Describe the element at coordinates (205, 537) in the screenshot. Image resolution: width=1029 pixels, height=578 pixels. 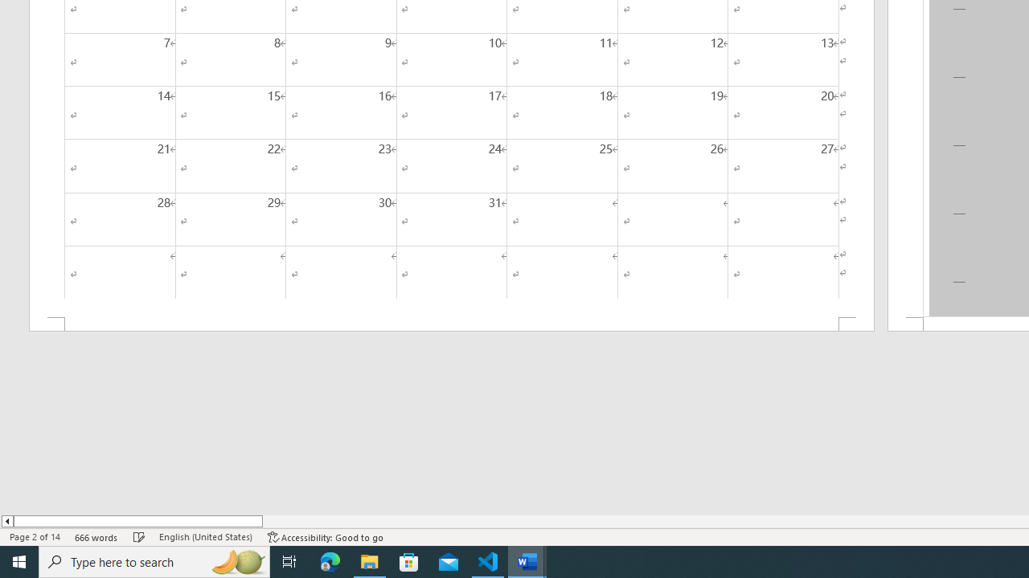
I see `'Language English (United States)'` at that location.